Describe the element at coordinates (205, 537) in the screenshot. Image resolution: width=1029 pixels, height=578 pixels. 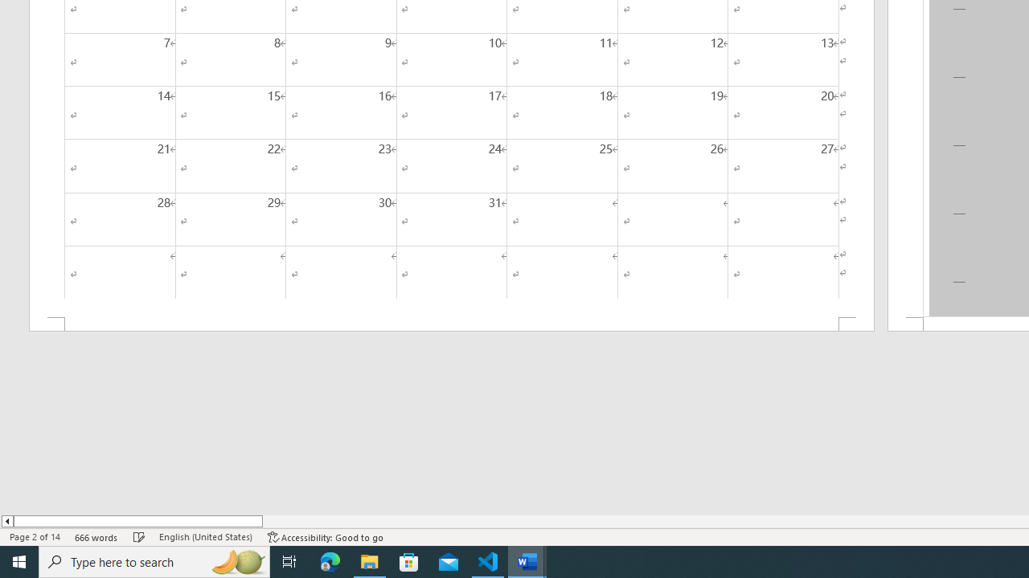
I see `'Language English (United States)'` at that location.